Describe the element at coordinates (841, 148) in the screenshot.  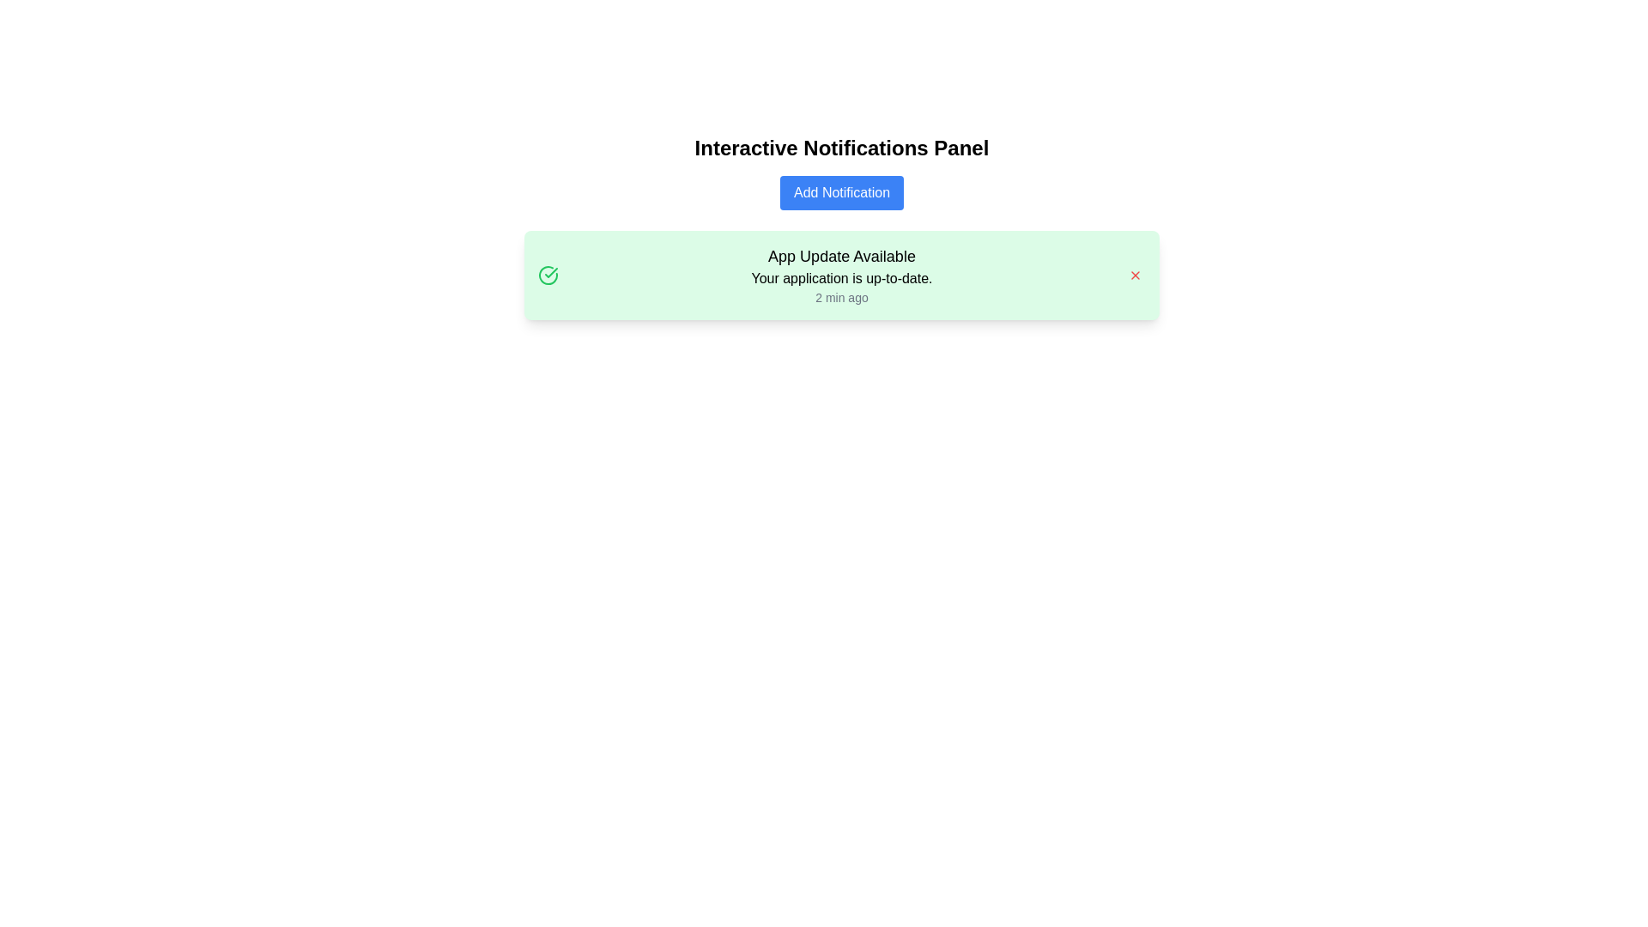
I see `displayed text from the horizontal text header titled 'Interactive Notifications Panel', which is positioned at the top of the notification interface` at that location.